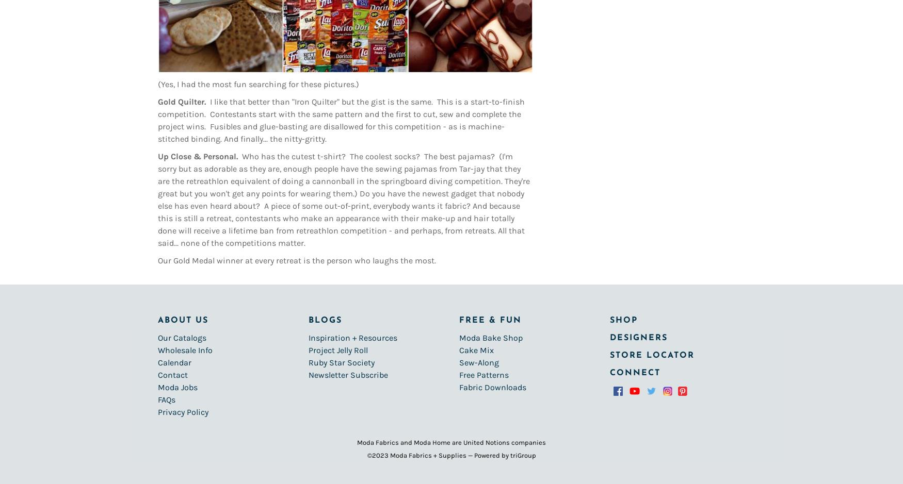  Describe the element at coordinates (341, 362) in the screenshot. I see `'Ruby Star Society'` at that location.